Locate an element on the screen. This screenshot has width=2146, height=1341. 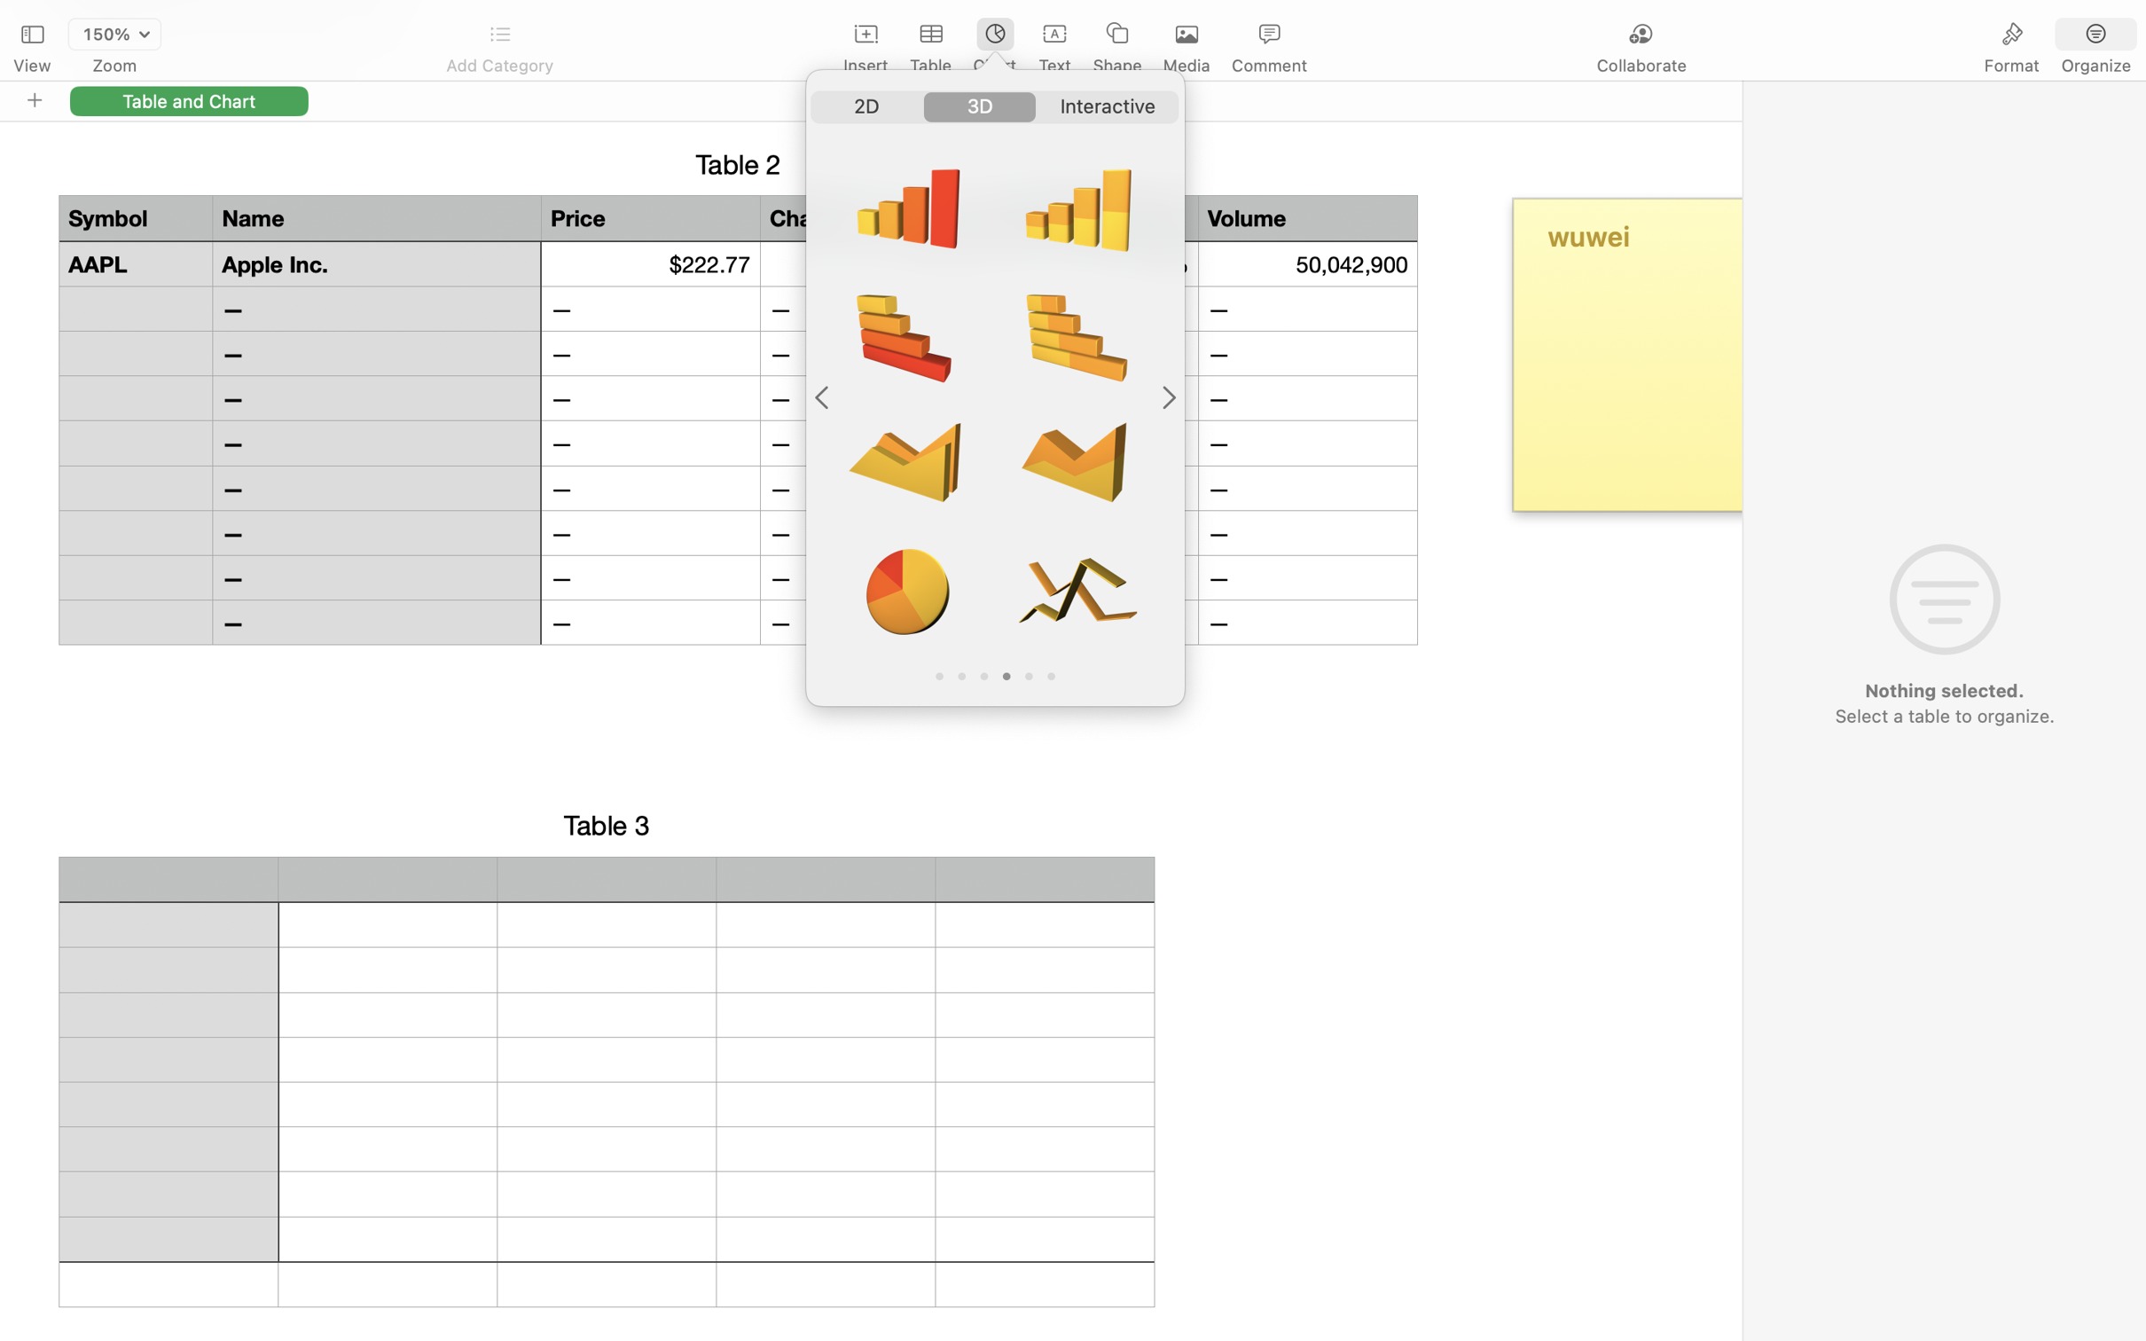
'View' is located at coordinates (30, 66).